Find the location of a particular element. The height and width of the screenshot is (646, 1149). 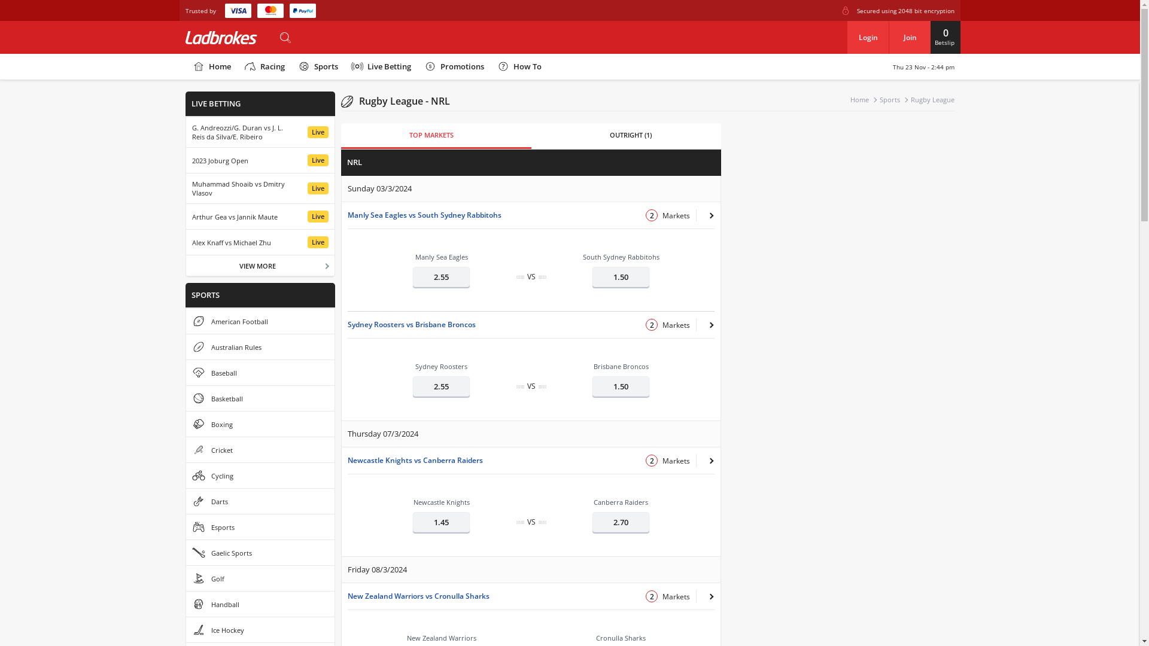

'Live Betting' is located at coordinates (380, 66).